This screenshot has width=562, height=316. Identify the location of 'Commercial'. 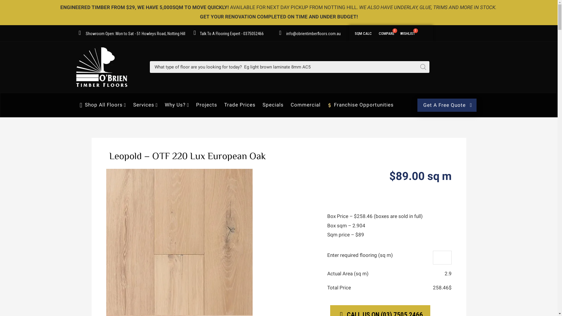
(305, 104).